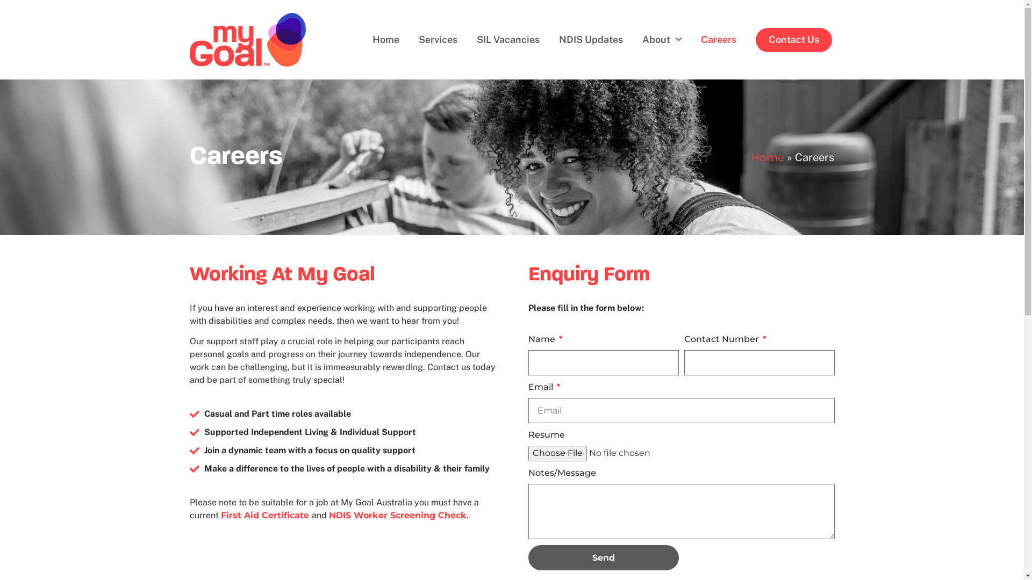 Image resolution: width=1032 pixels, height=580 pixels. What do you see at coordinates (661, 39) in the screenshot?
I see `'About'` at bounding box center [661, 39].